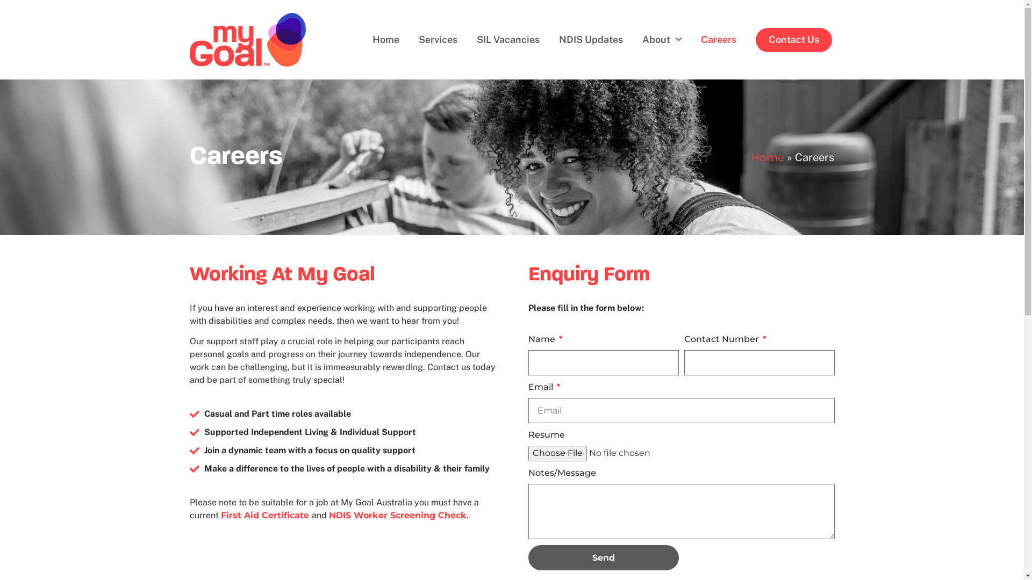 Image resolution: width=1032 pixels, height=580 pixels. What do you see at coordinates (661, 39) in the screenshot?
I see `'About'` at bounding box center [661, 39].